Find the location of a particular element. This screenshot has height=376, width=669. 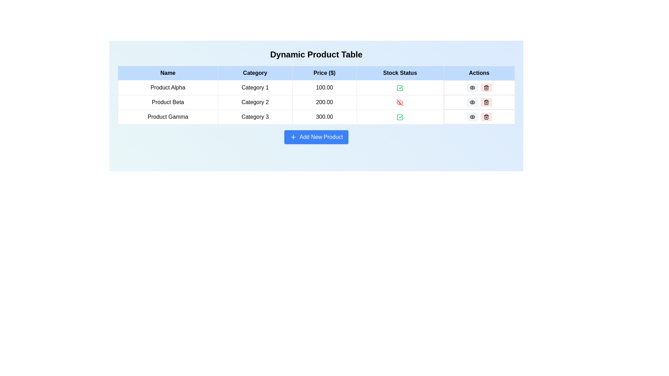

the price entry for 'Product Alpha' in the third cell of the first row of the table, which displays the price value under the 'Price ($)' column is located at coordinates (316, 87).